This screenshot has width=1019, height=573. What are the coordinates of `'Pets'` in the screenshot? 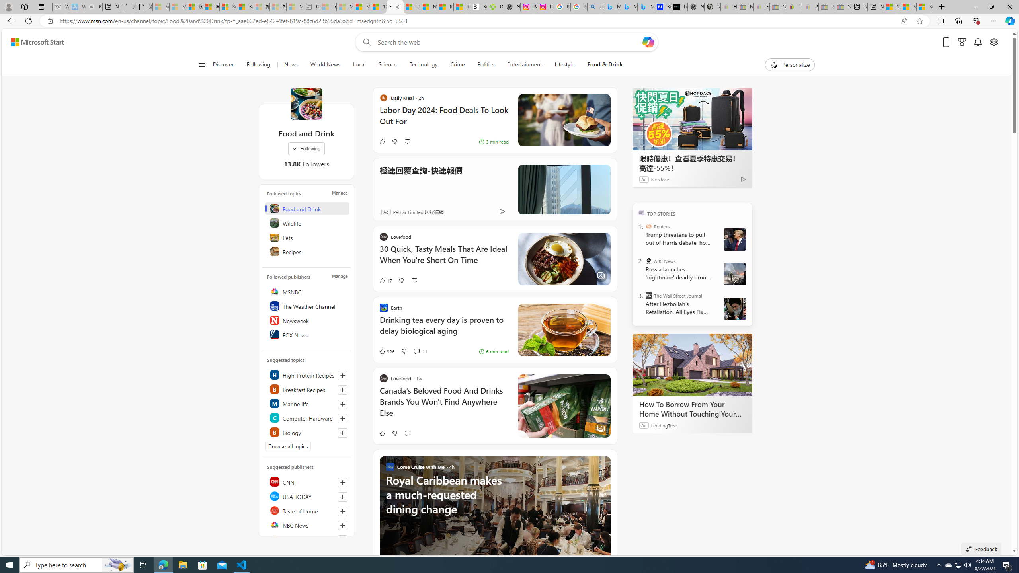 It's located at (308, 237).